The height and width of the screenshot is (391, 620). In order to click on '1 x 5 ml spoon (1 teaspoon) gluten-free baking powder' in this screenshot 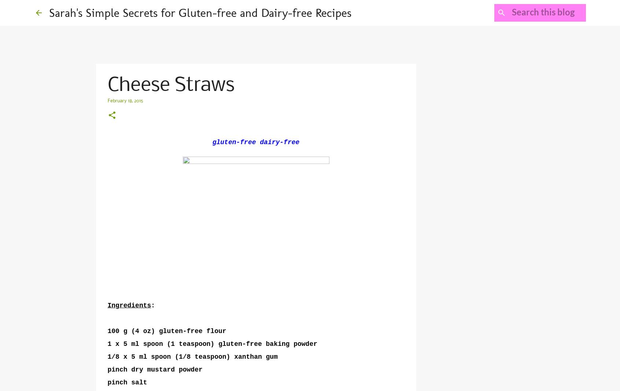, I will do `click(212, 344)`.